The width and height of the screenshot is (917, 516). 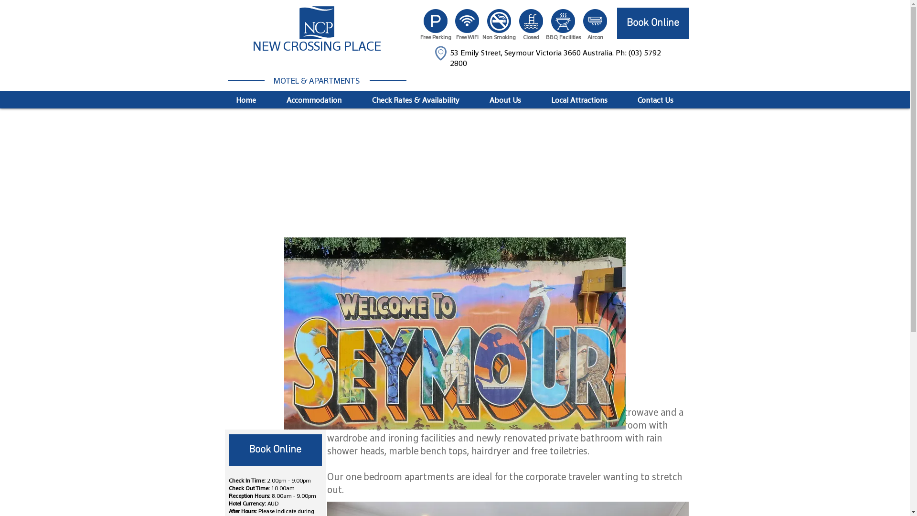 What do you see at coordinates (415, 100) in the screenshot?
I see `'Check Rates & Availability'` at bounding box center [415, 100].